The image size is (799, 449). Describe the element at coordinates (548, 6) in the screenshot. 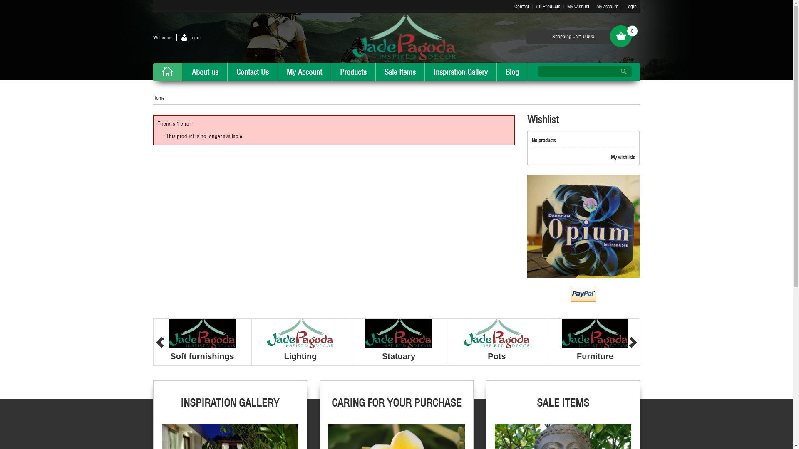

I see `'All Products'` at that location.